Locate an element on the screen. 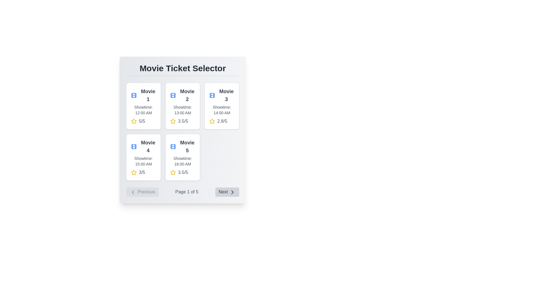  rating value displayed in the Rating Display Component, which shows a yellow star icon and the text '3.5/5'. This component is located under 'Showtime: 13:00 AM' within the second card of the grid layout is located at coordinates (183, 121).